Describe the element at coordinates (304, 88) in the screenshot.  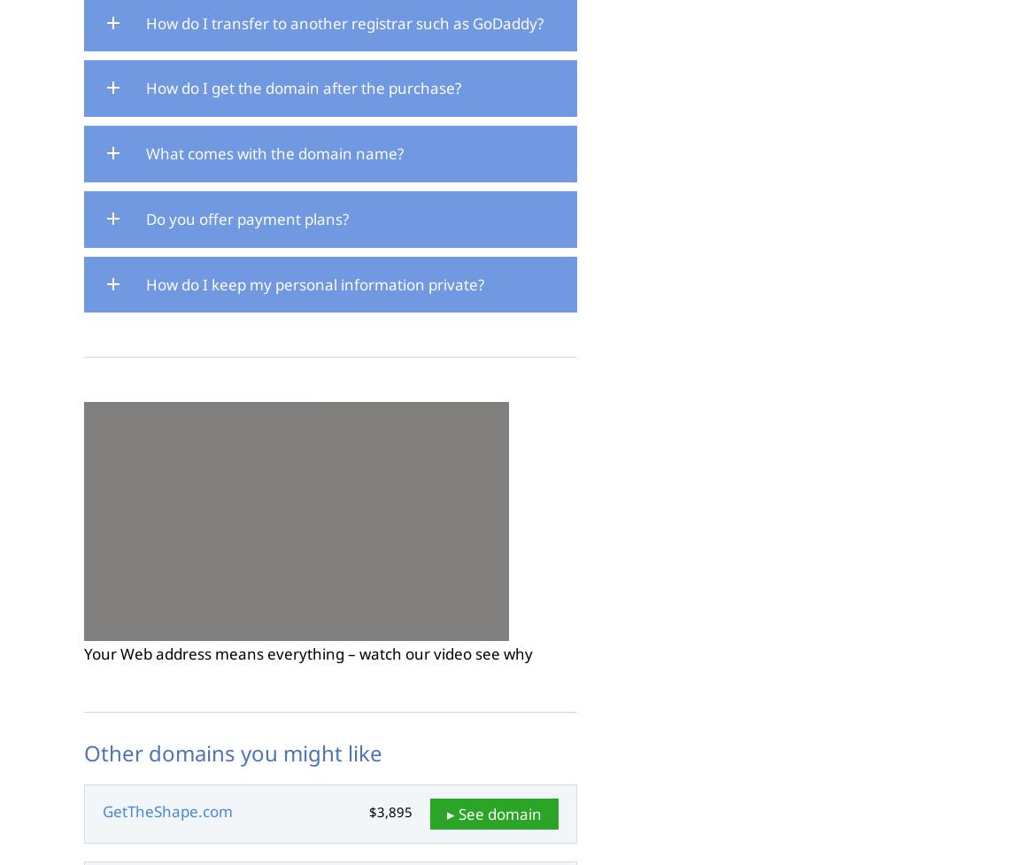
I see `'How do I get the domain after the purchase?'` at that location.